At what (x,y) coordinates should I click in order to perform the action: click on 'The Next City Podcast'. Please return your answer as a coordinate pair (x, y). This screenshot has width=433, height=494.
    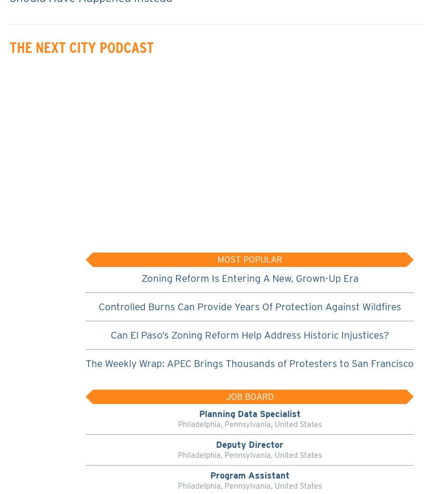
    Looking at the image, I should click on (82, 47).